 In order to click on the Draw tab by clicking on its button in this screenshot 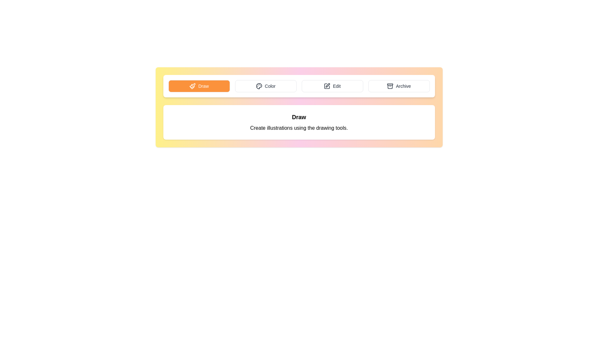, I will do `click(199, 86)`.